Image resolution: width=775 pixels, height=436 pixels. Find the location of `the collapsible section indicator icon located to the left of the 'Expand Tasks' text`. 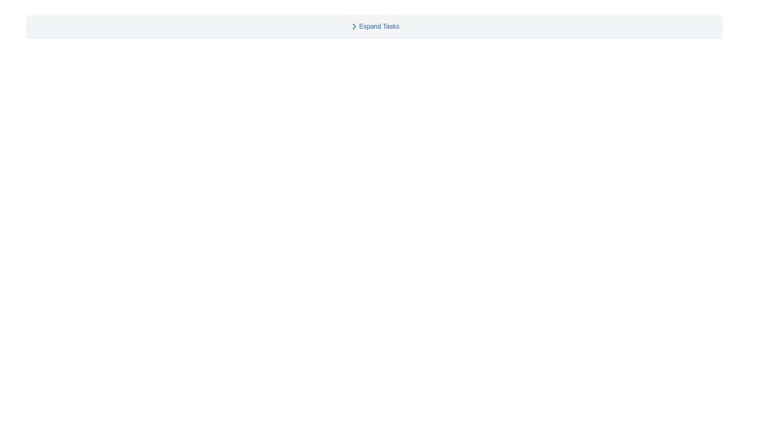

the collapsible section indicator icon located to the left of the 'Expand Tasks' text is located at coordinates (354, 26).